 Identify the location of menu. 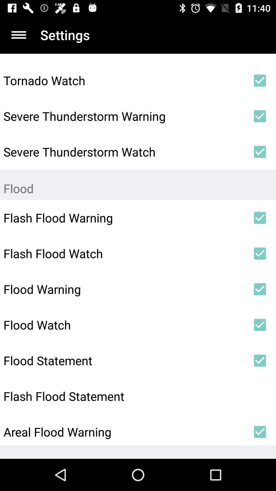
(18, 35).